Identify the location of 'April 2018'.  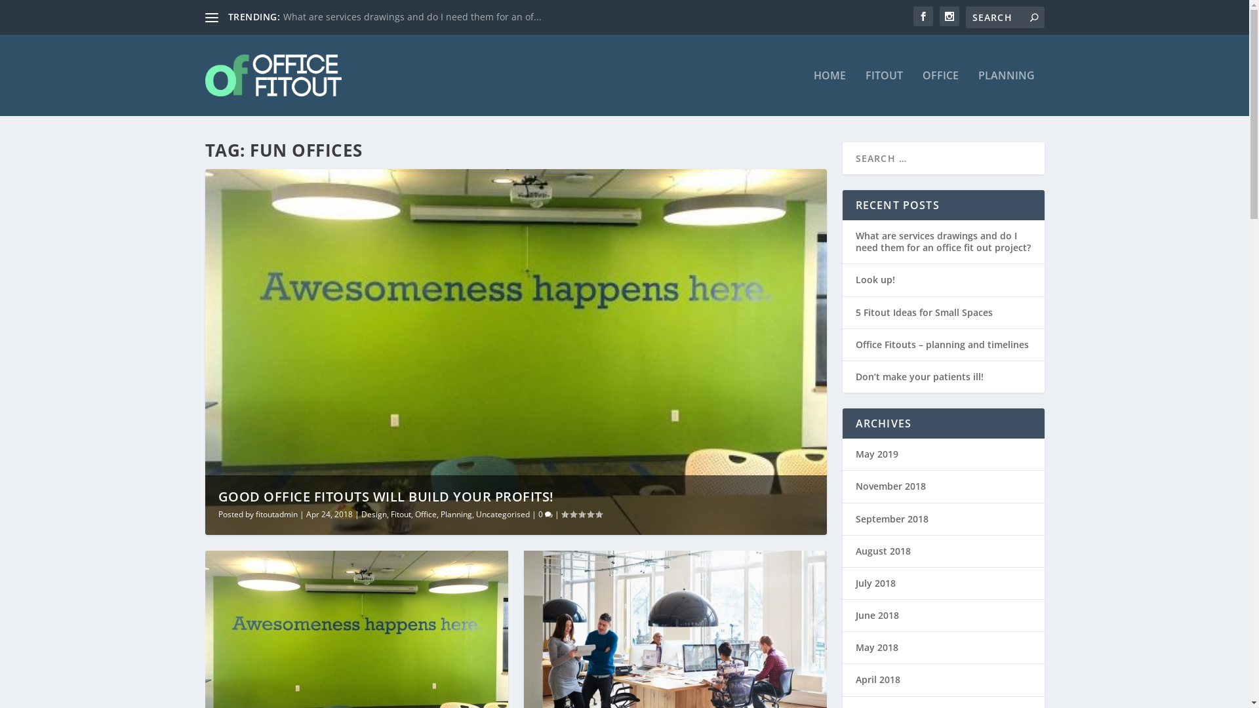
(855, 678).